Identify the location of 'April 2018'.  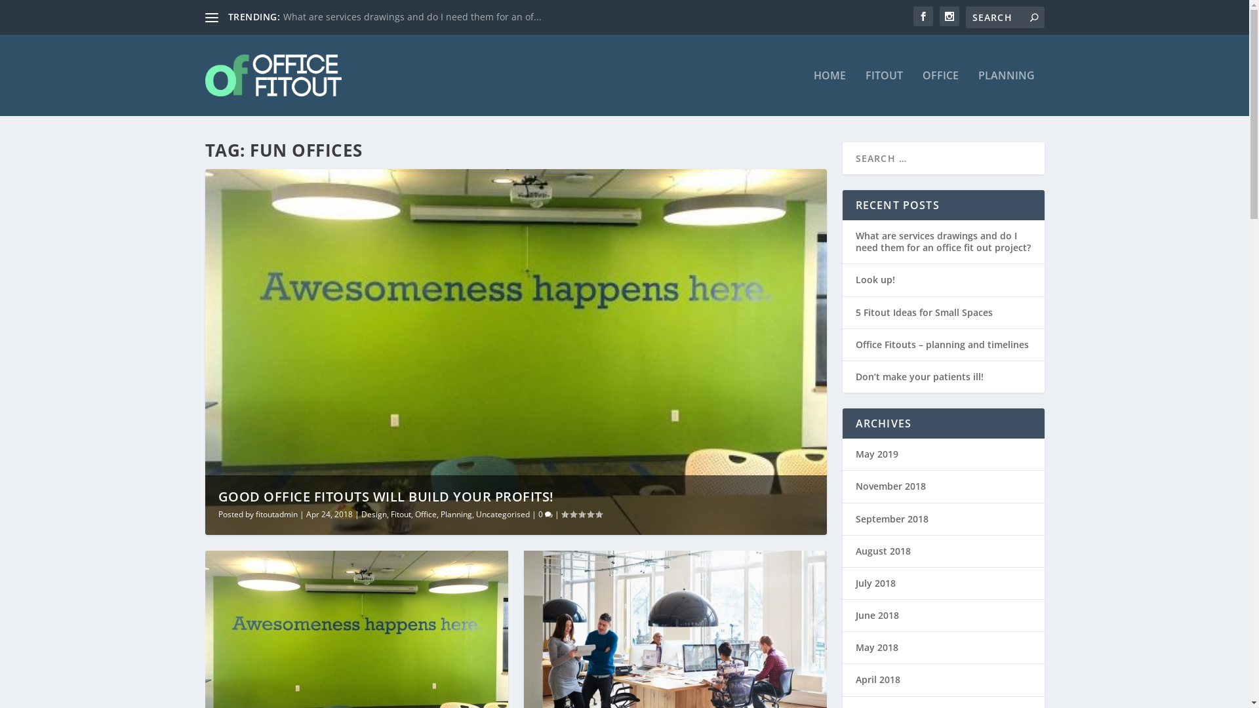
(855, 678).